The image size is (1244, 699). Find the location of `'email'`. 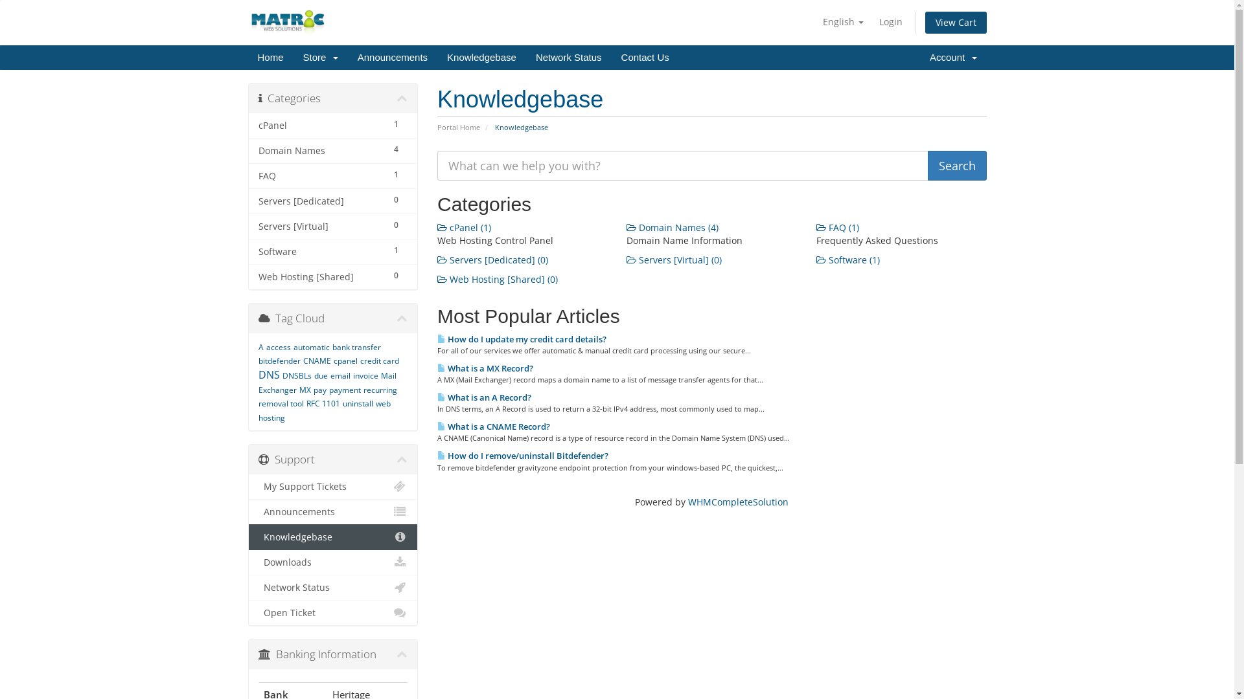

'email' is located at coordinates (340, 375).